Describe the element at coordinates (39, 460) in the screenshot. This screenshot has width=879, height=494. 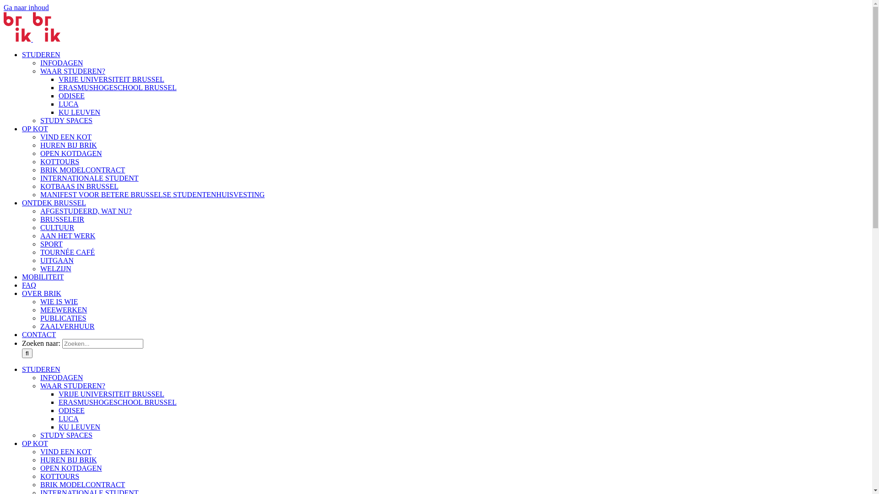
I see `'HUREN BIJ BRIK'` at that location.